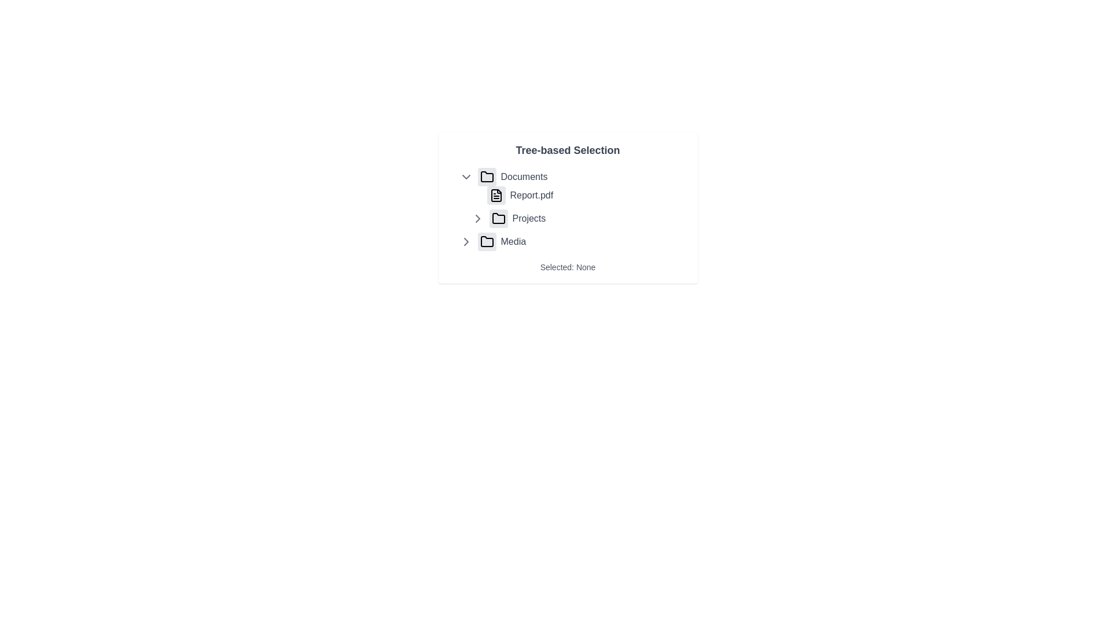 This screenshot has height=625, width=1111. I want to click on the background rectangle of the document icon next to the 'Report.pdf' label in the 'Documents' section, so click(496, 195).